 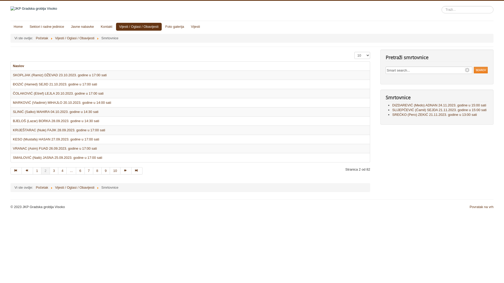 What do you see at coordinates (175, 26) in the screenshot?
I see `'Foto galerija'` at bounding box center [175, 26].